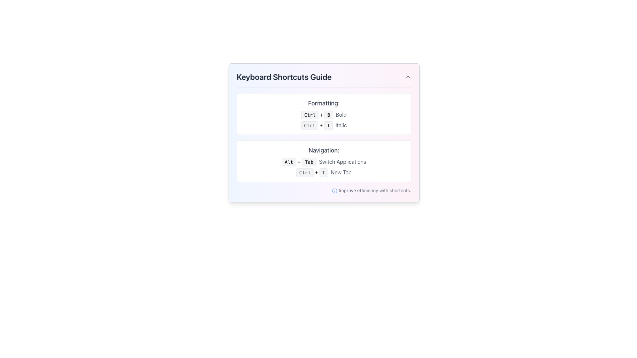  Describe the element at coordinates (324, 162) in the screenshot. I see `the informational text about the 'Alt + Tab' keyboard shortcut, located under the 'Navigation:' section` at that location.